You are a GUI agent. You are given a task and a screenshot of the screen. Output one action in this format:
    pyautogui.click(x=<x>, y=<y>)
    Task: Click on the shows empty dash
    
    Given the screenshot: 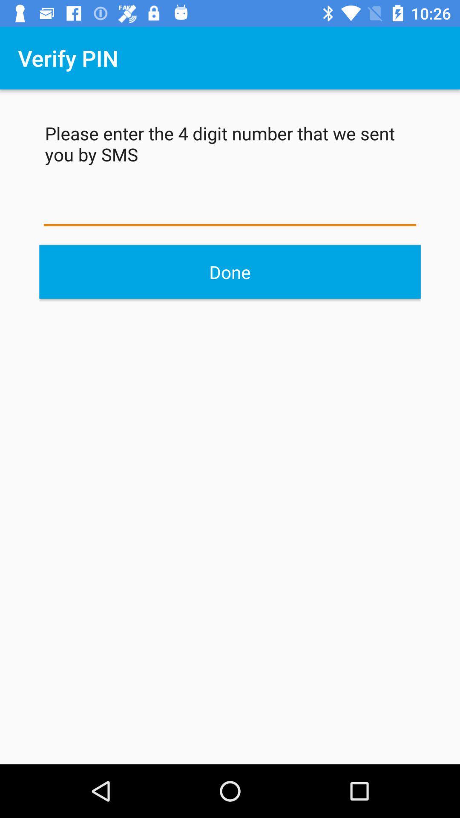 What is the action you would take?
    pyautogui.click(x=230, y=208)
    